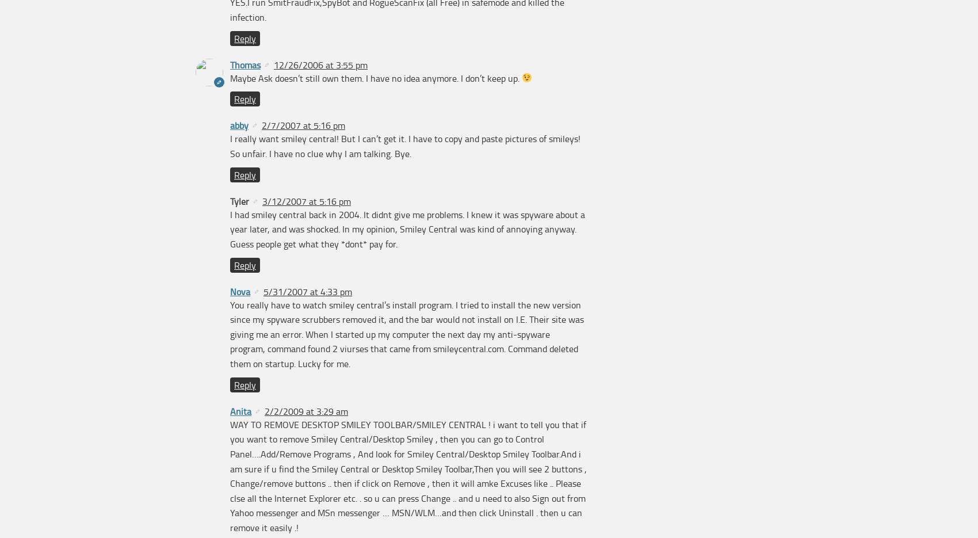  Describe the element at coordinates (239, 291) in the screenshot. I see `'Nova'` at that location.